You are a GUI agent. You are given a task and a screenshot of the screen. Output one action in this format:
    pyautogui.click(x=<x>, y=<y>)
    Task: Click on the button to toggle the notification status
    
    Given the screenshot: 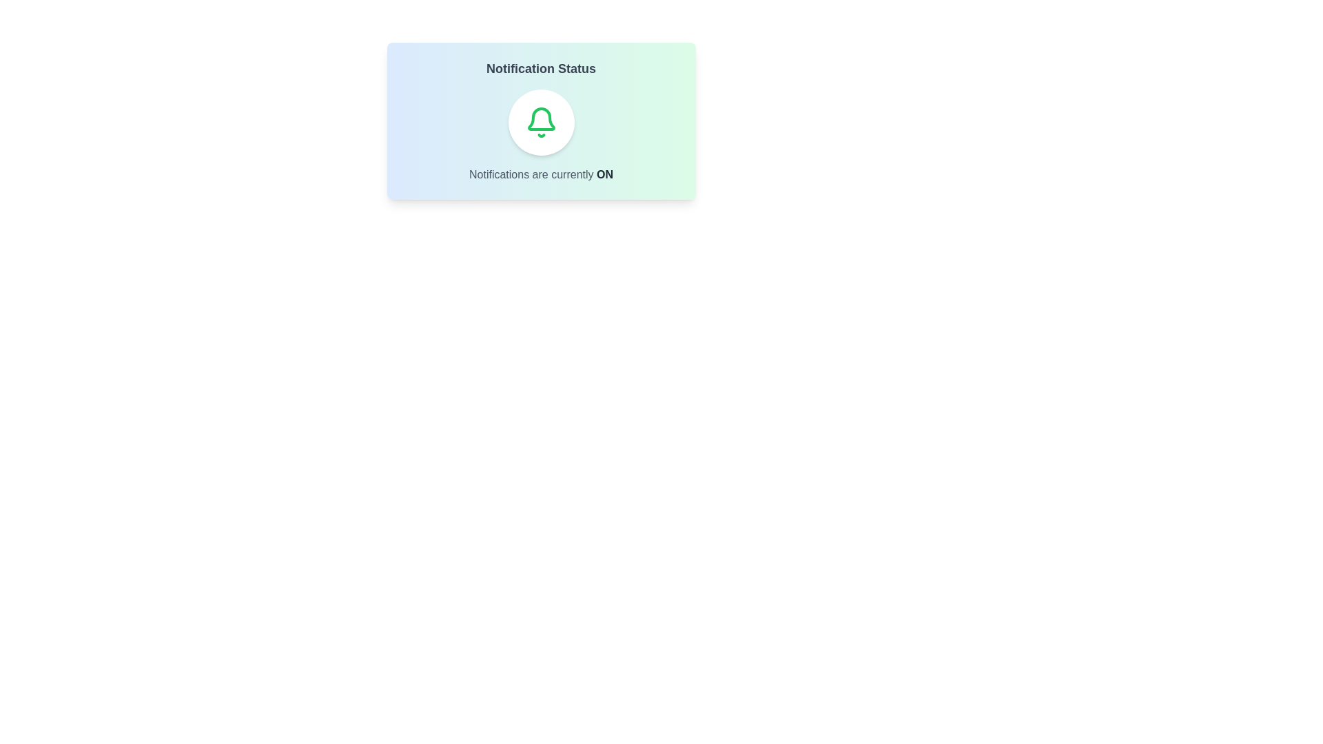 What is the action you would take?
    pyautogui.click(x=540, y=121)
    